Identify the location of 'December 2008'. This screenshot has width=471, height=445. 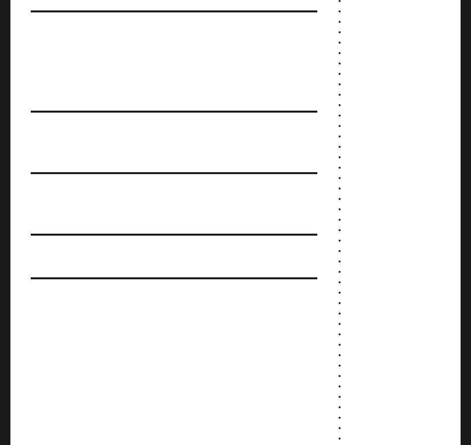
(365, 93).